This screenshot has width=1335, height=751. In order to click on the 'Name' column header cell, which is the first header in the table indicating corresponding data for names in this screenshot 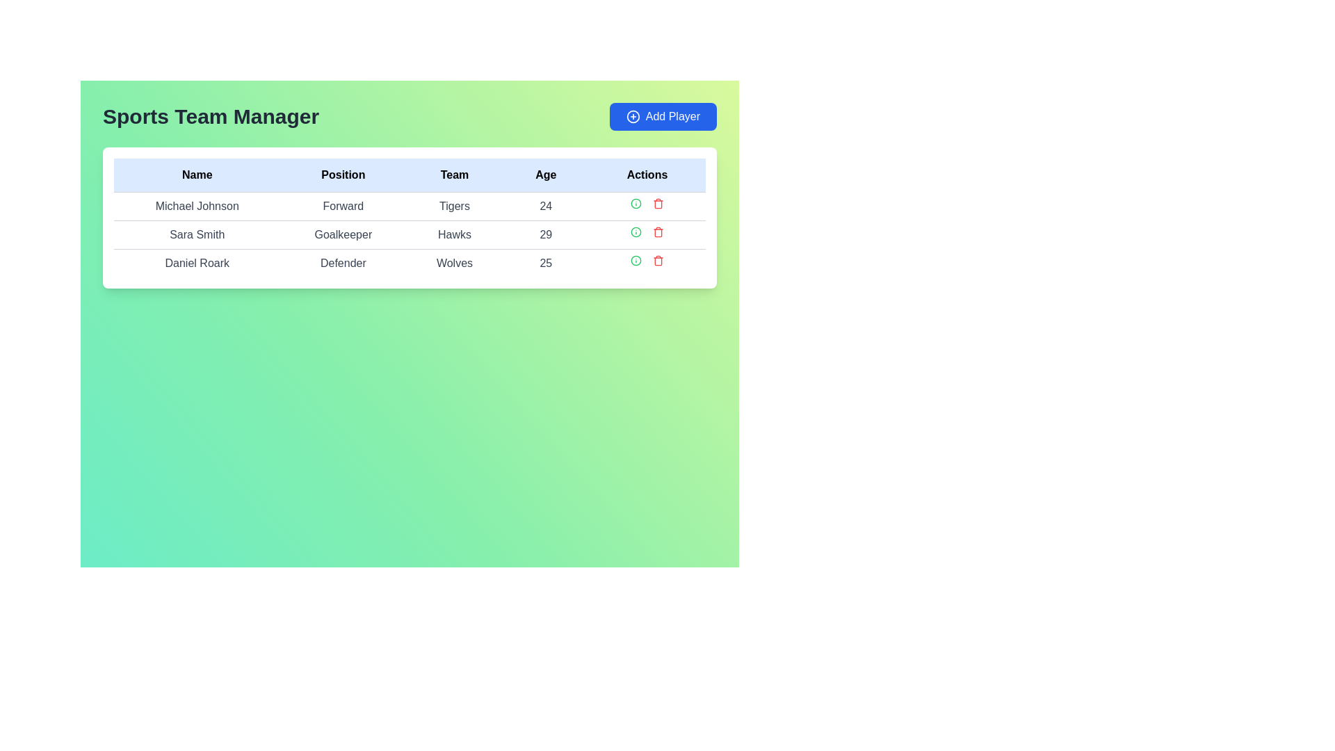, I will do `click(196, 175)`.